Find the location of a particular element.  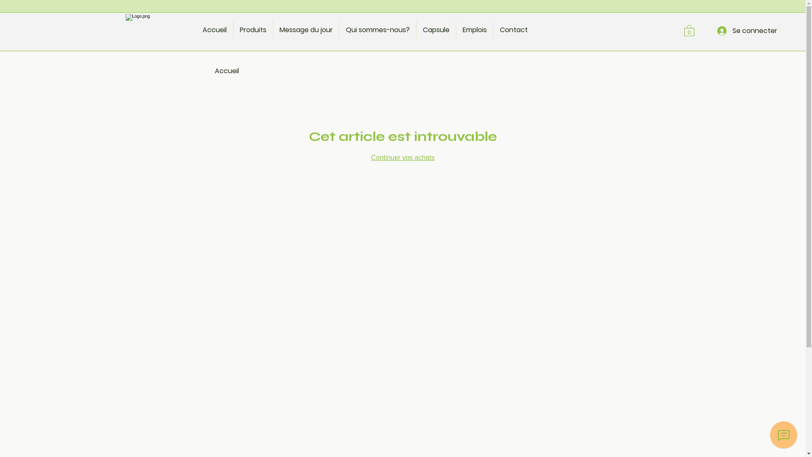

'Se connecter' is located at coordinates (747, 30).